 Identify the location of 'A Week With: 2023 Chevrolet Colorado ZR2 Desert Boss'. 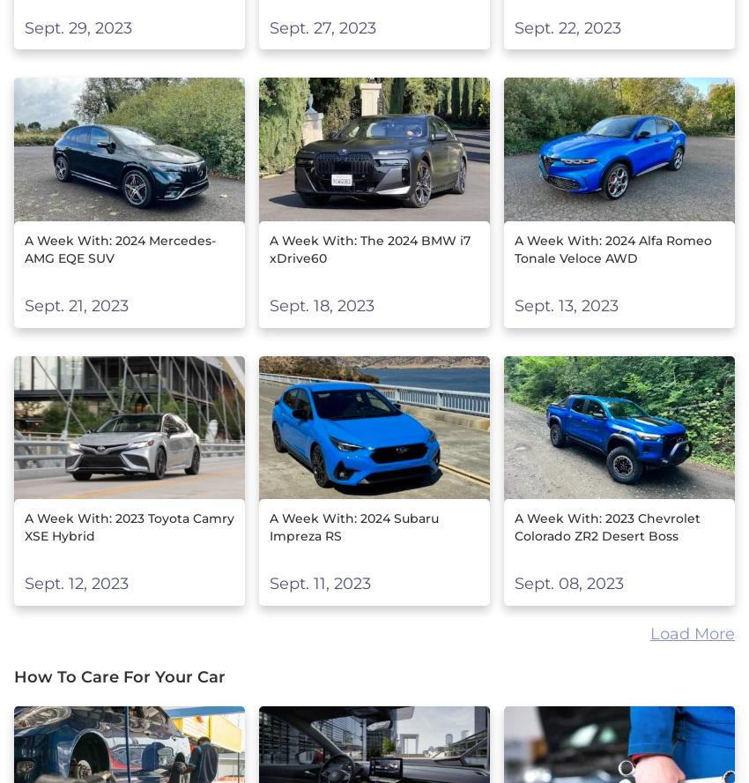
(605, 526).